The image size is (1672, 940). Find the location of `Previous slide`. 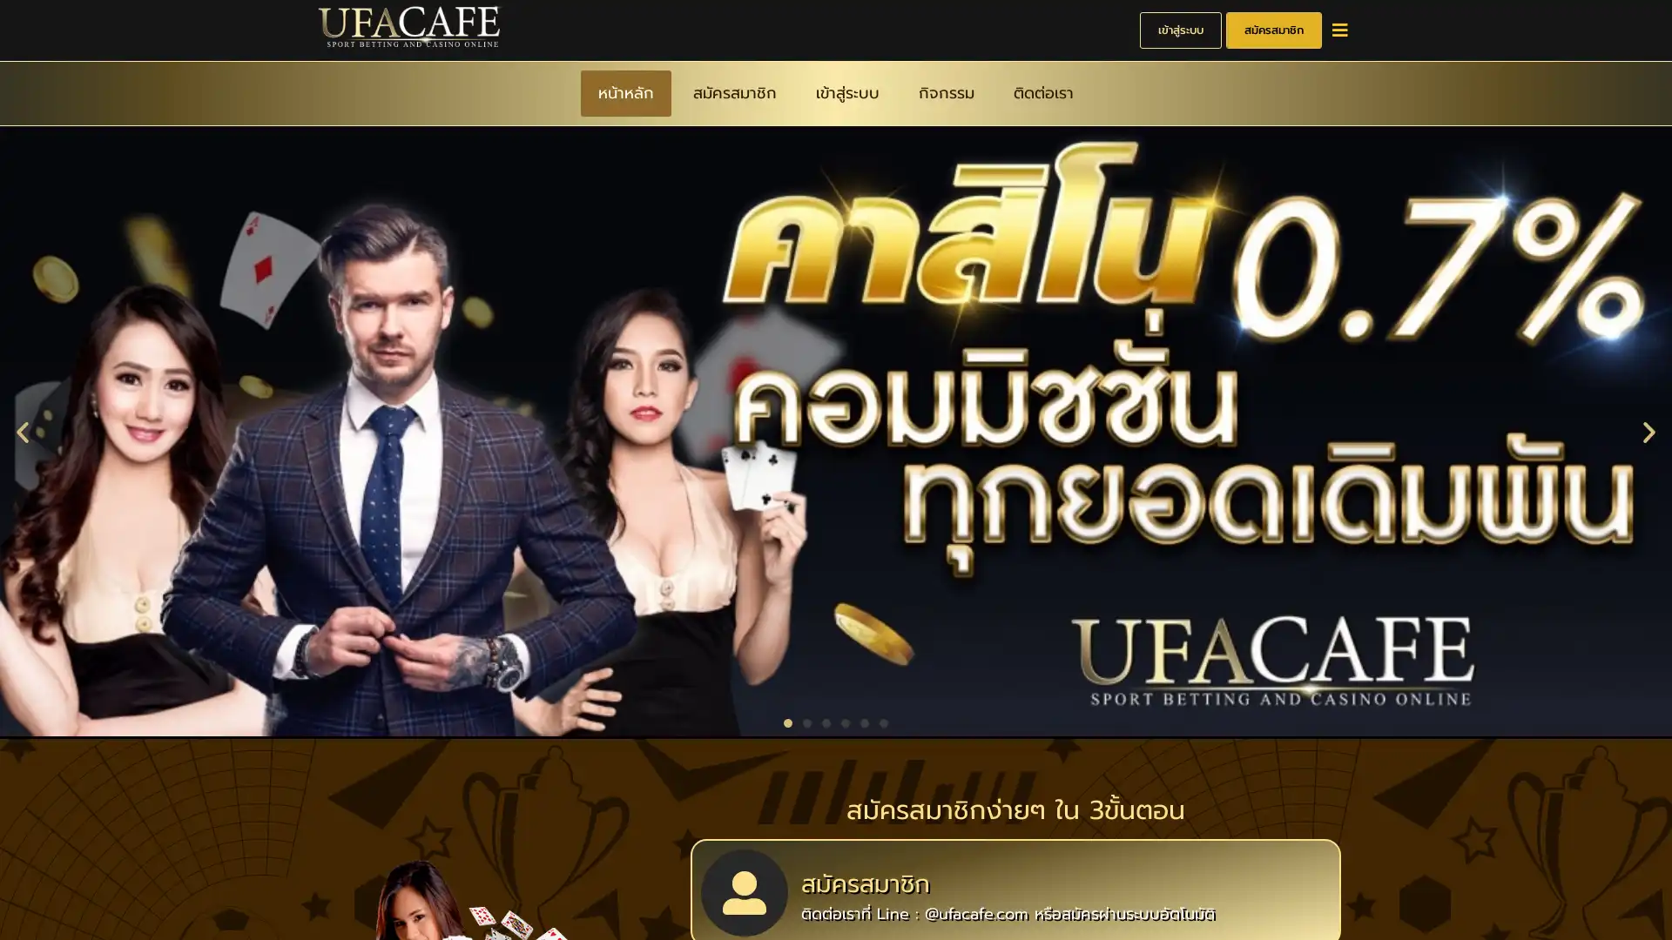

Previous slide is located at coordinates (22, 429).